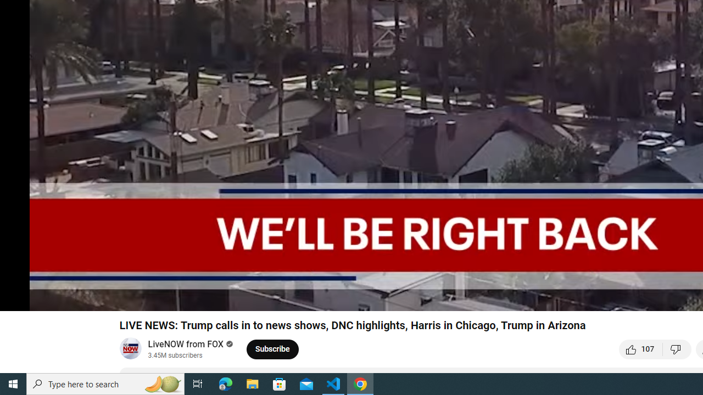 Image resolution: width=703 pixels, height=395 pixels. I want to click on 'Subscribe to LiveNOW from FOX.', so click(272, 349).